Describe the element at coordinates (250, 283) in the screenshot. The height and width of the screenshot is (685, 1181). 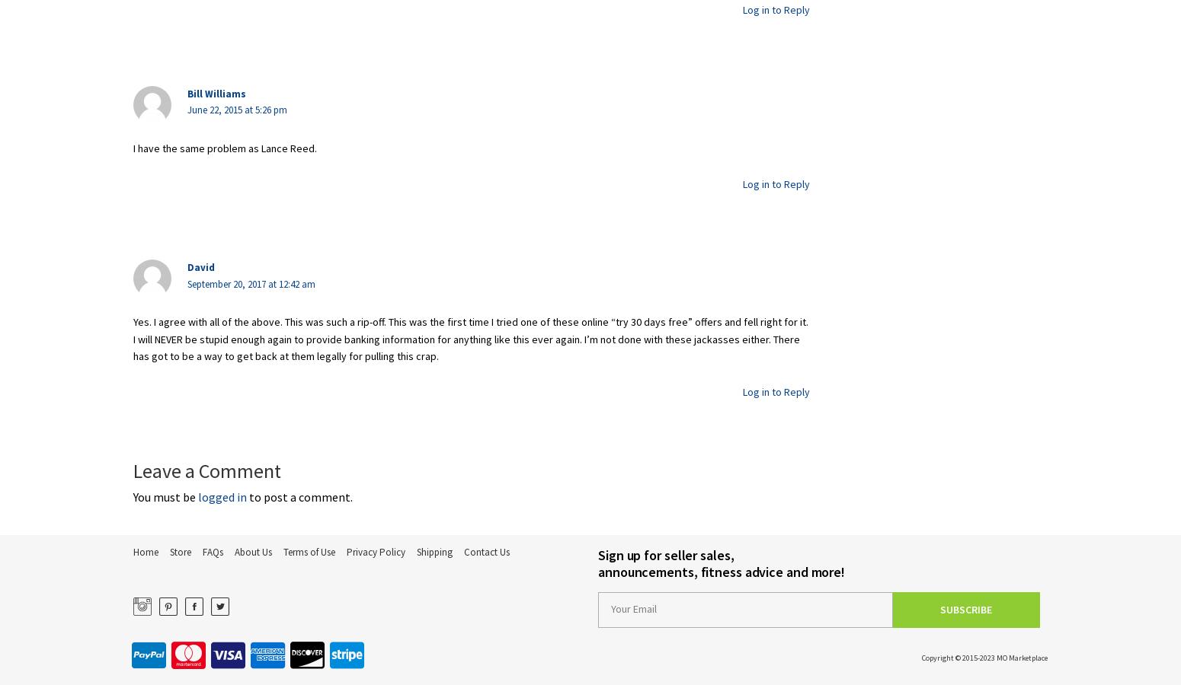
I see `'September 20, 2017 at 12:42 am'` at that location.